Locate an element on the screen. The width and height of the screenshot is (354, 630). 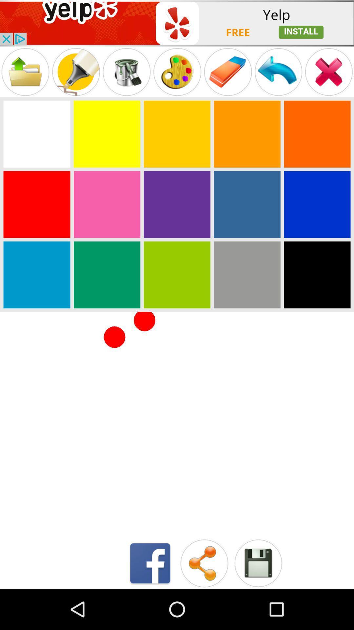
choose a color is located at coordinates (177, 134).